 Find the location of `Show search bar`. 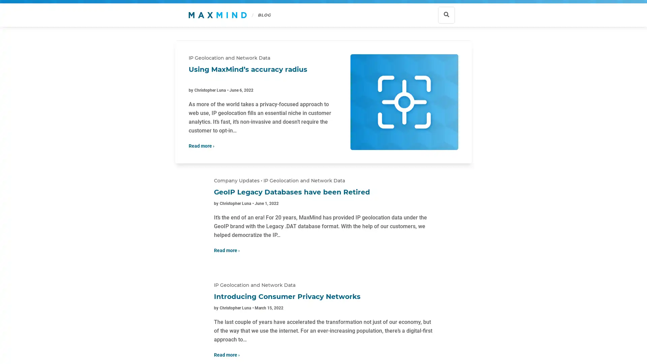

Show search bar is located at coordinates (446, 15).